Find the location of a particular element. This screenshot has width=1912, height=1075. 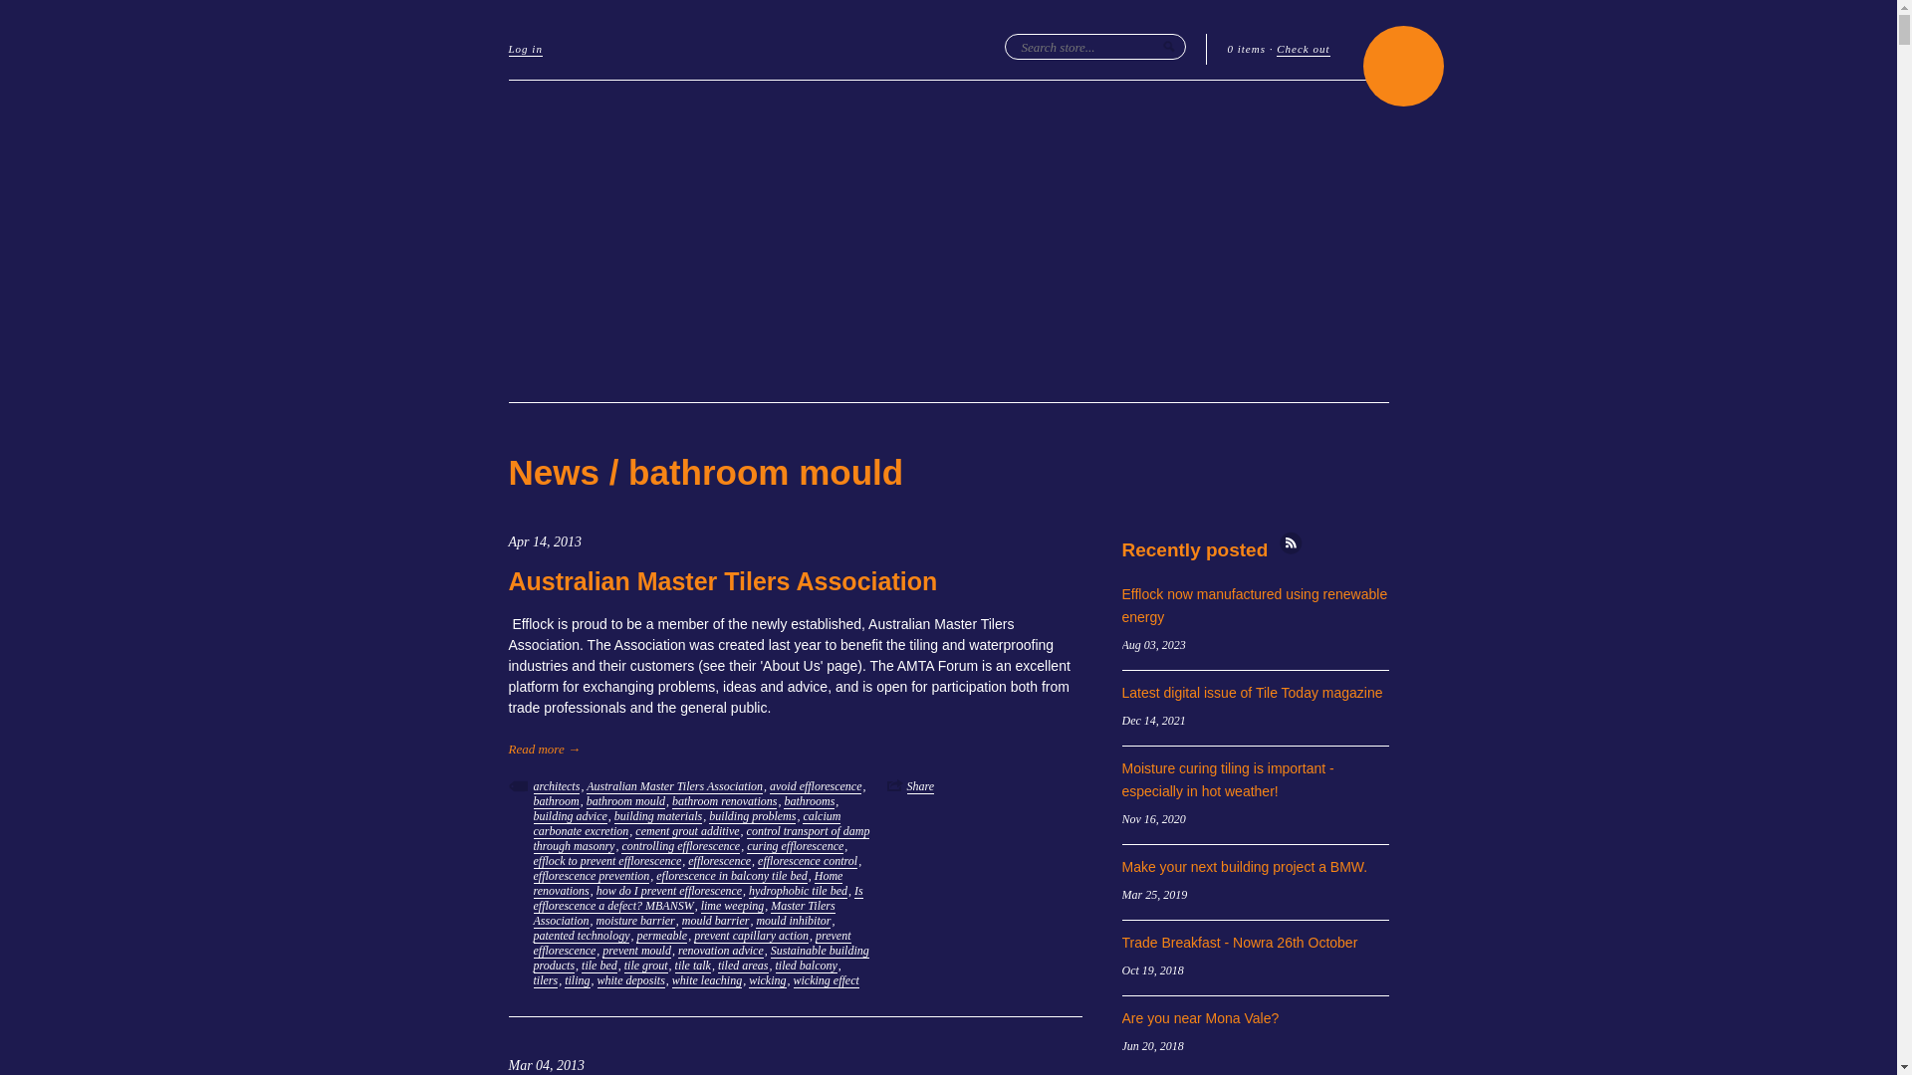

'mould inhibitor' is located at coordinates (792, 921).